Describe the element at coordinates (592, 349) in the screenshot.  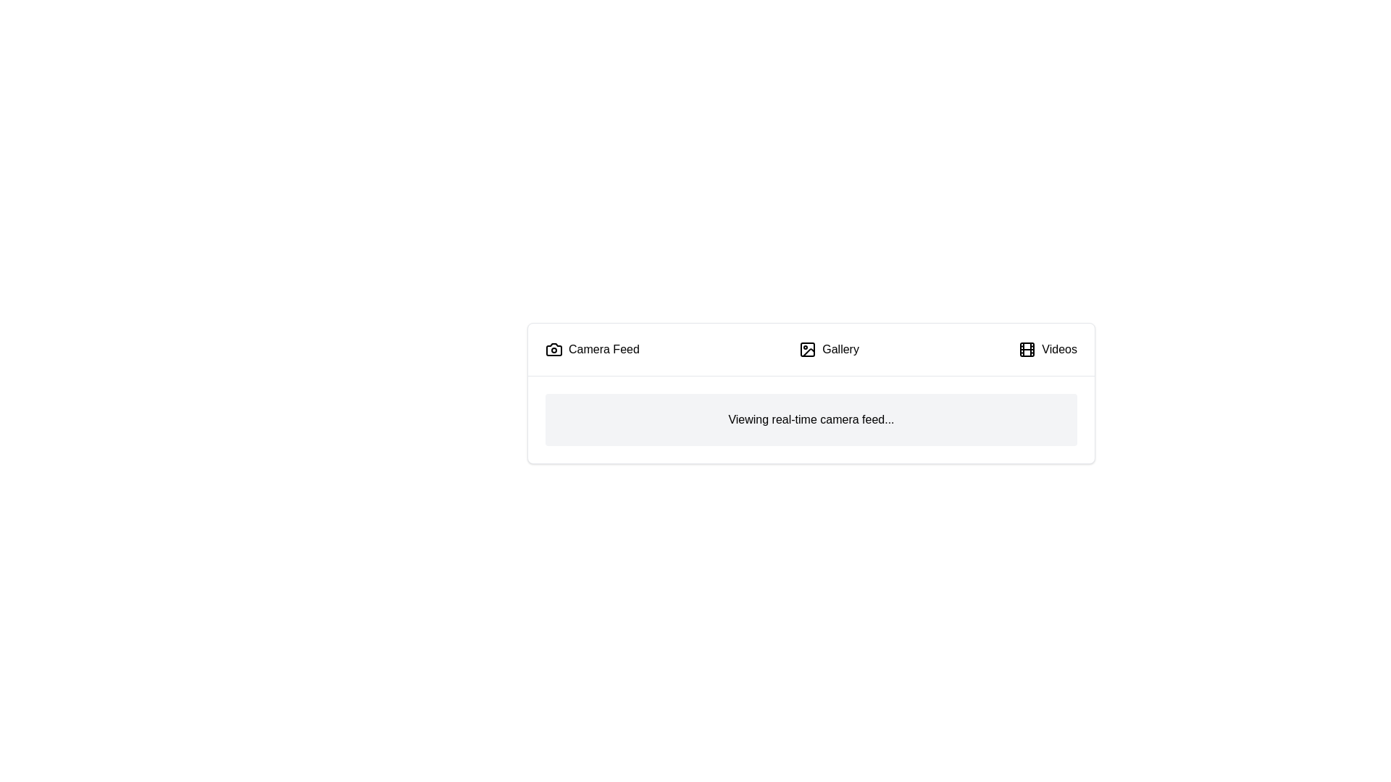
I see `the tab labeled Camera Feed to observe its hover effect` at that location.